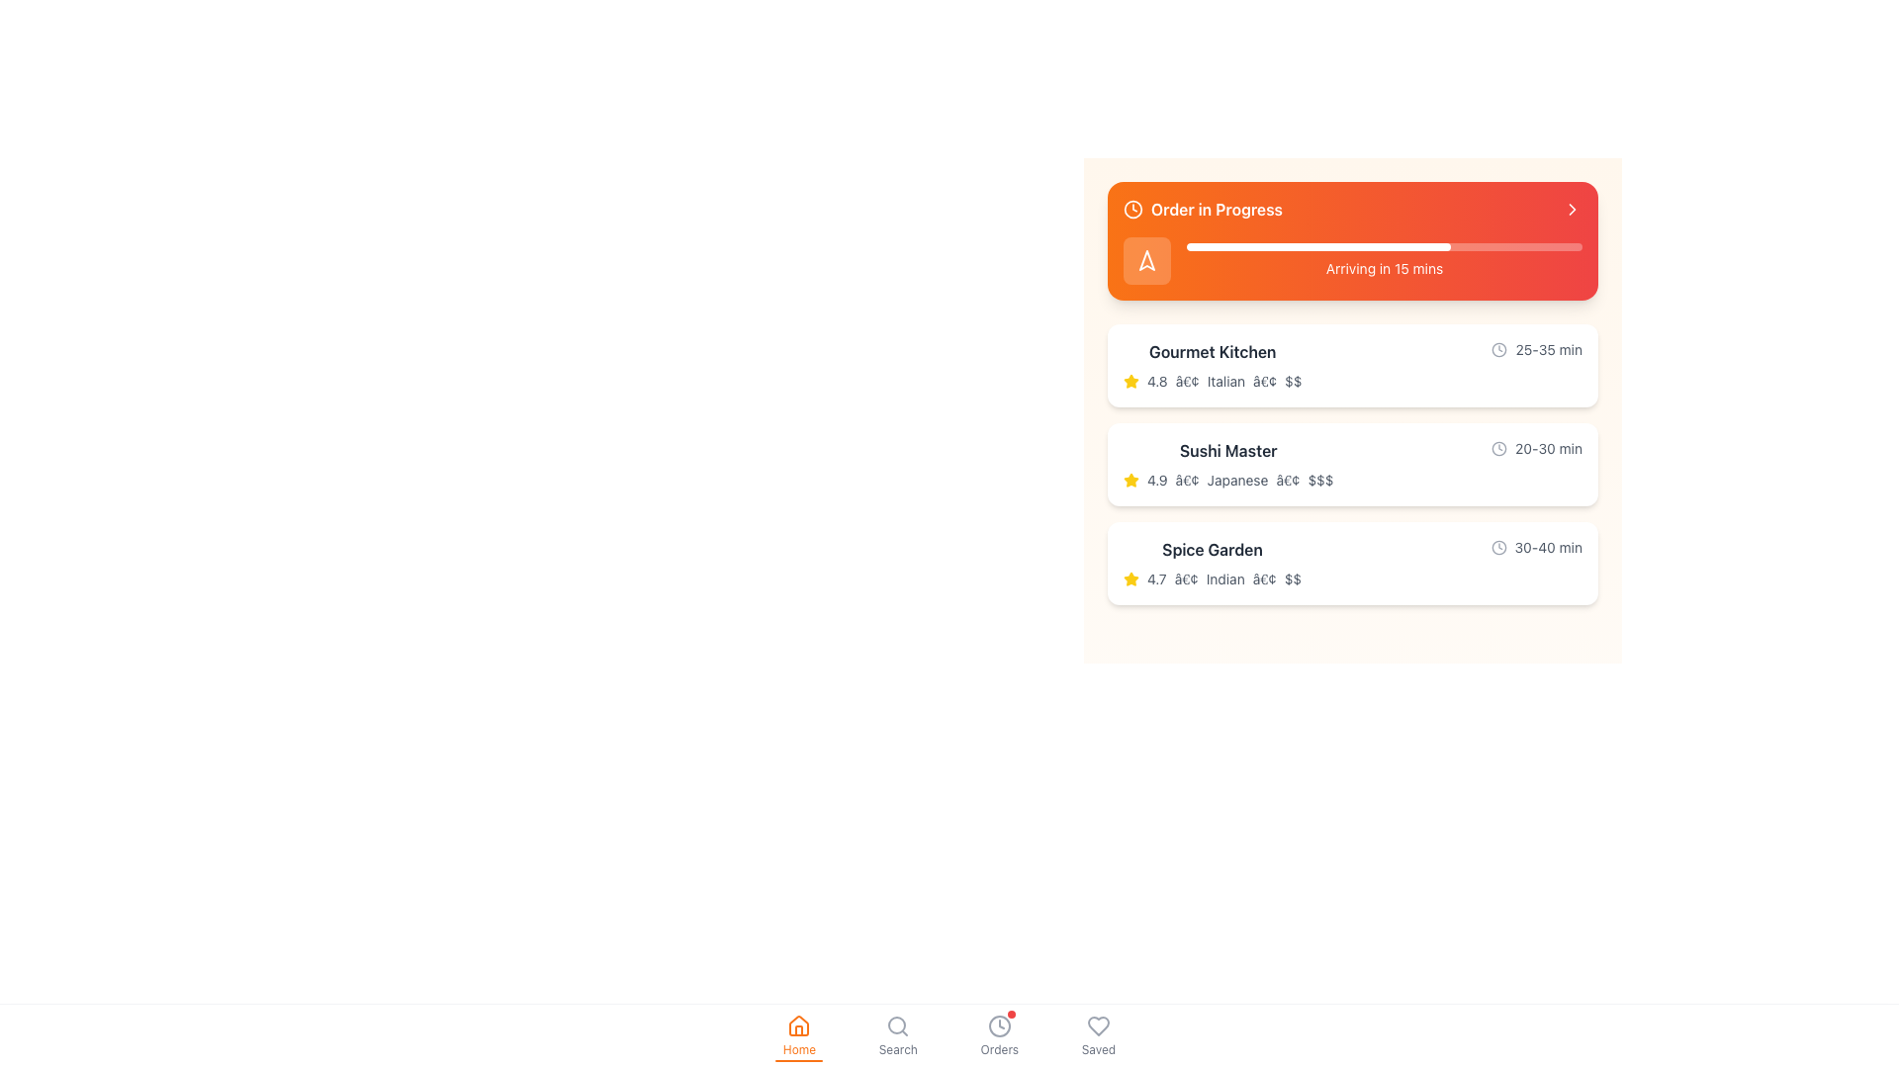 This screenshot has width=1899, height=1068. I want to click on the composite textual display component for the restaurant 'Gourmet Kitchen' for accessibility navigation, so click(1352, 366).